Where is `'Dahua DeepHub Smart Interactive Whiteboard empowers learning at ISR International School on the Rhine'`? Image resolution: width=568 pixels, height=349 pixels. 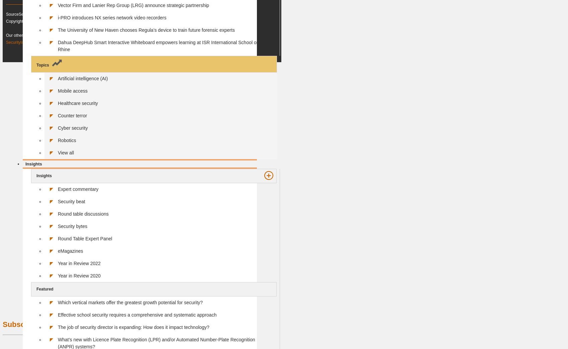
'Dahua DeepHub Smart Interactive Whiteboard empowers learning at ISR International School on the Rhine' is located at coordinates (58, 45).